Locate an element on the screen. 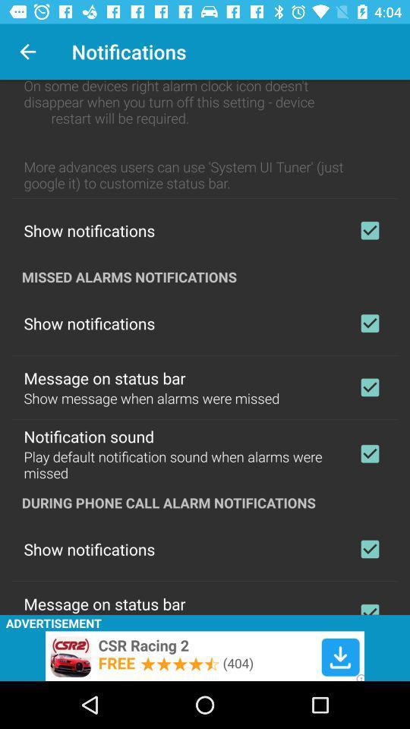 The height and width of the screenshot is (729, 410). select putturn is located at coordinates (369, 606).